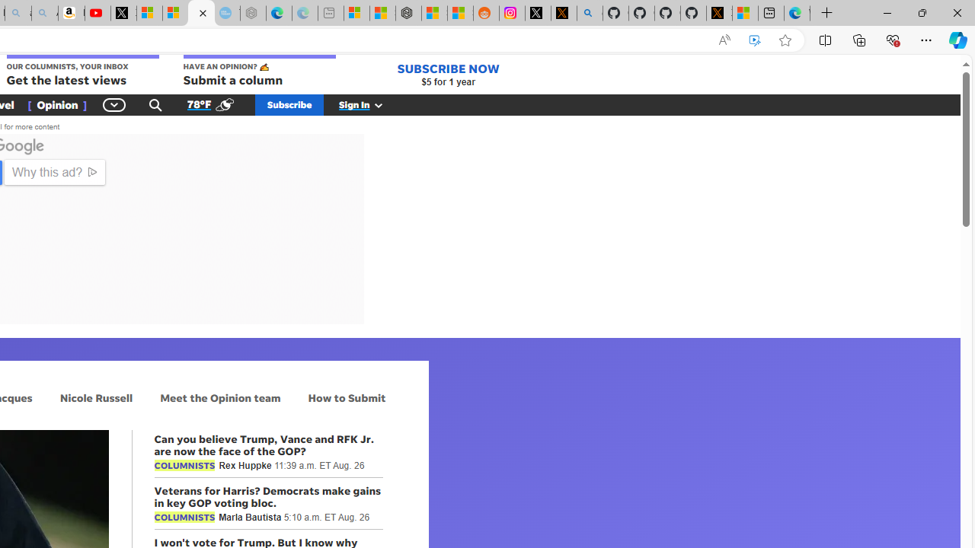  What do you see at coordinates (219, 397) in the screenshot?
I see `'Meet the Opinion team'` at bounding box center [219, 397].